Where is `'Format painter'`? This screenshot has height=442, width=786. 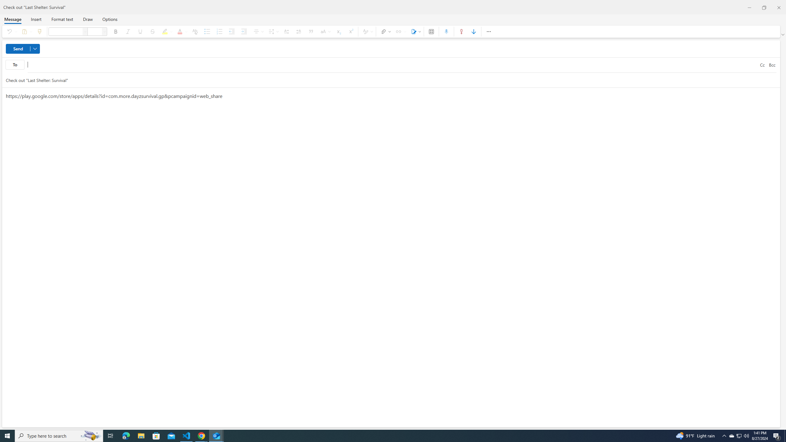
'Format painter' is located at coordinates (40, 31).